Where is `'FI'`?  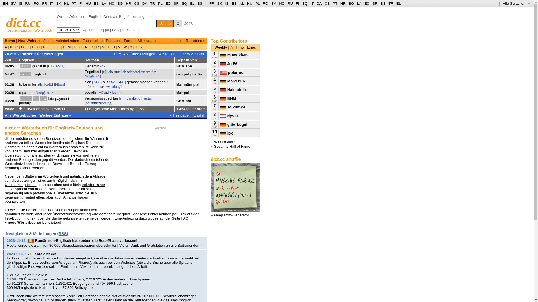 'FI' is located at coordinates (297, 3).